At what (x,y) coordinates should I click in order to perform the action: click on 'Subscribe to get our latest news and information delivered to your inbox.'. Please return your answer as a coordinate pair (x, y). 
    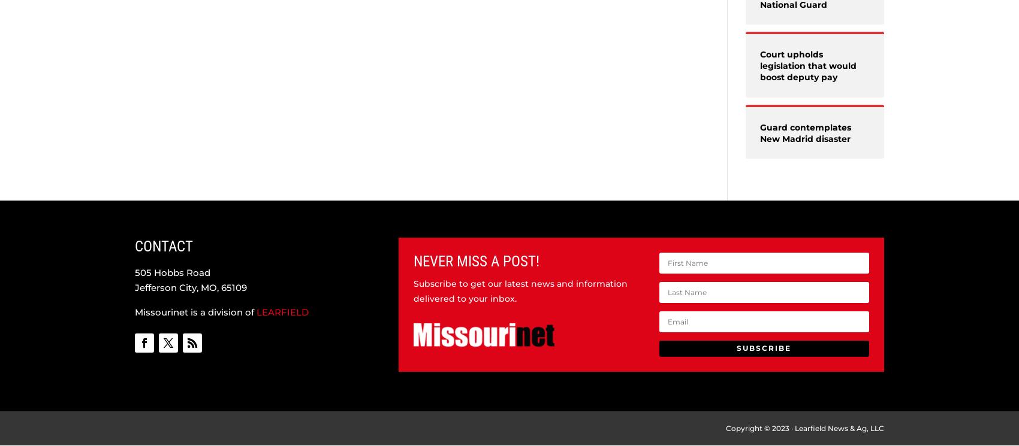
    Looking at the image, I should click on (413, 290).